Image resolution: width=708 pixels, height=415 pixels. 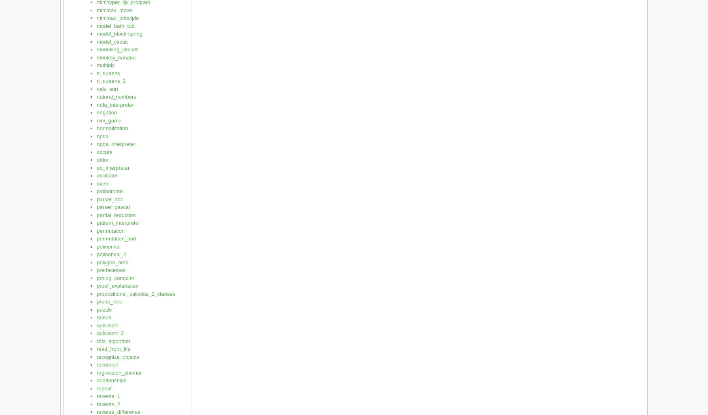 I want to click on 'prune_tree', so click(x=109, y=301).